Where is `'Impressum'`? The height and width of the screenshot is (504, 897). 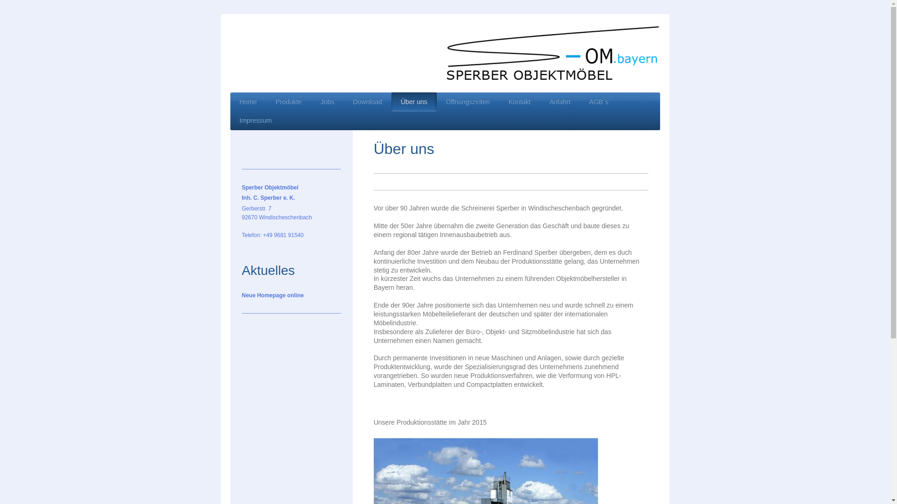 'Impressum' is located at coordinates (255, 120).